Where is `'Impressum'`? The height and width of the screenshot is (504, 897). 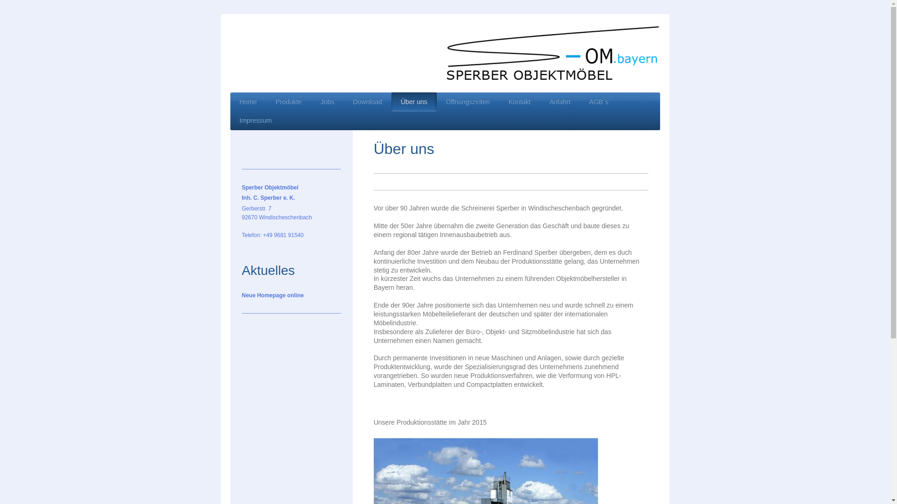 'Impressum' is located at coordinates (255, 120).